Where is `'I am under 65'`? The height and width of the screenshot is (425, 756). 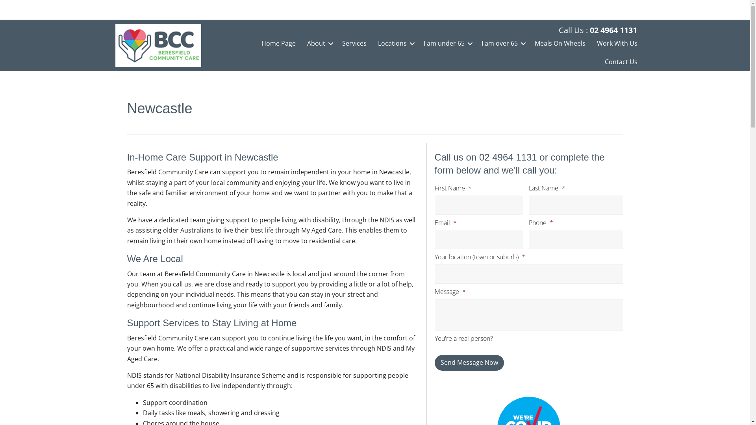 'I am under 65' is located at coordinates (447, 43).